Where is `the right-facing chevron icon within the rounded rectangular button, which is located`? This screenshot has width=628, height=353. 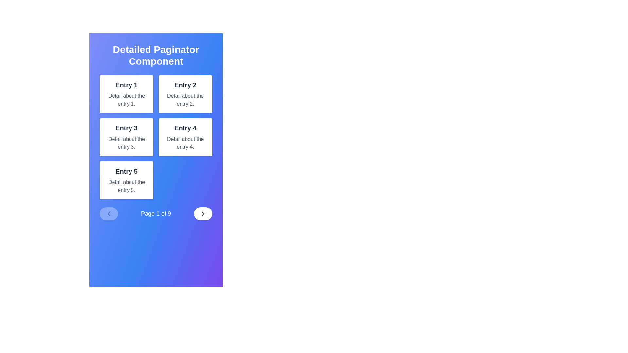
the right-facing chevron icon within the rounded rectangular button, which is located is located at coordinates (202, 214).